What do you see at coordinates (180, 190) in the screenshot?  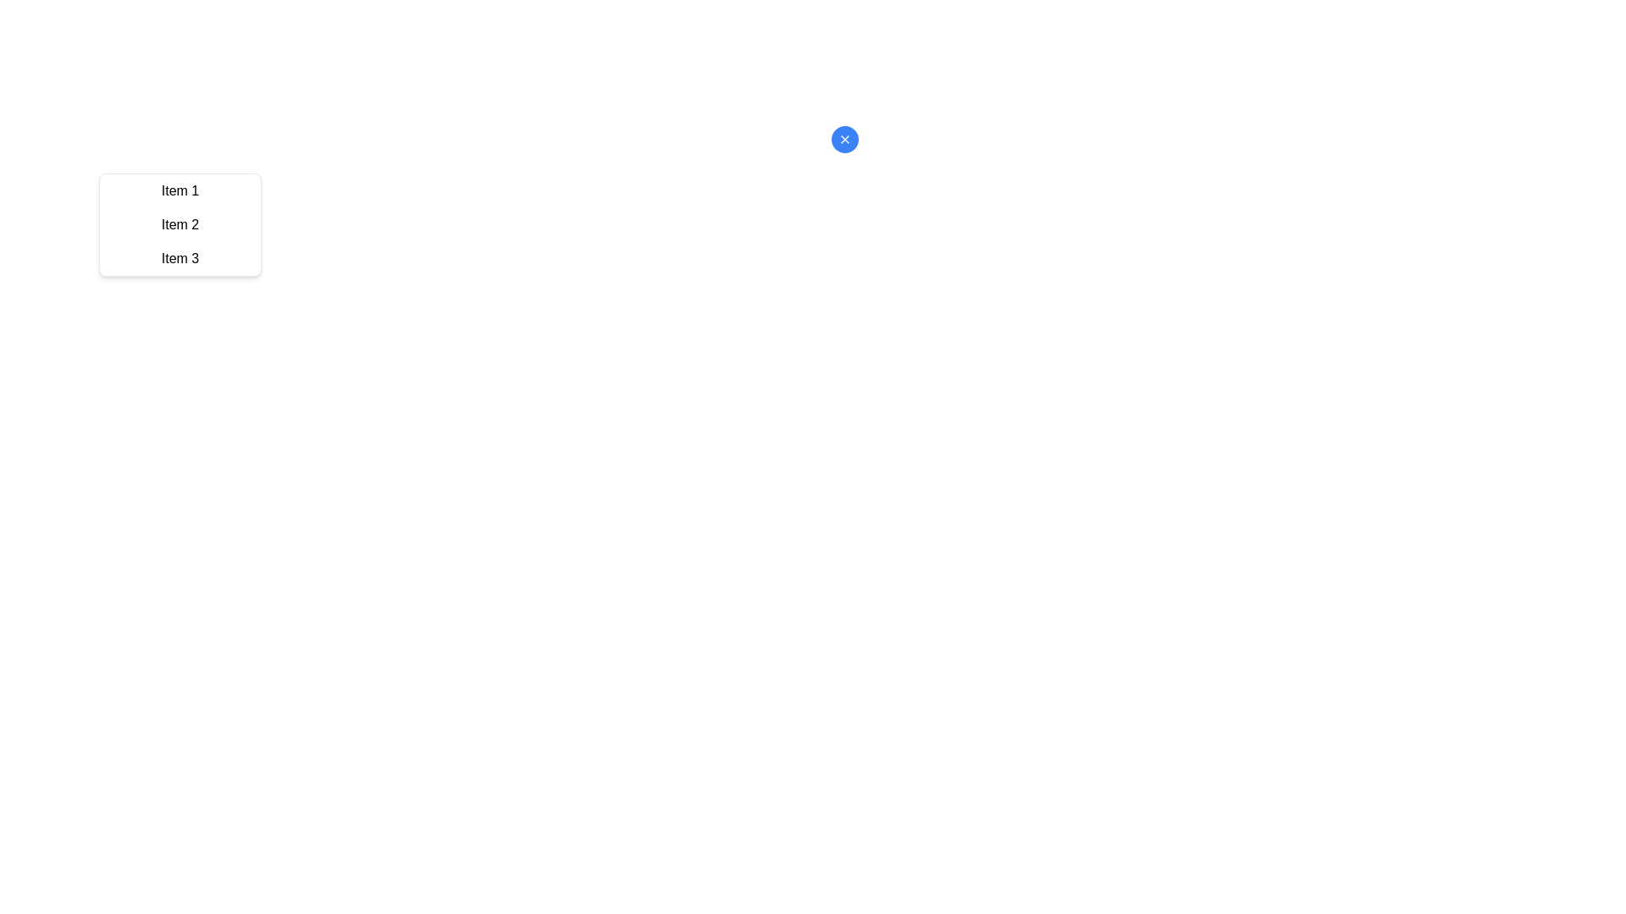 I see `the first list item labeled 'Item 1'` at bounding box center [180, 190].